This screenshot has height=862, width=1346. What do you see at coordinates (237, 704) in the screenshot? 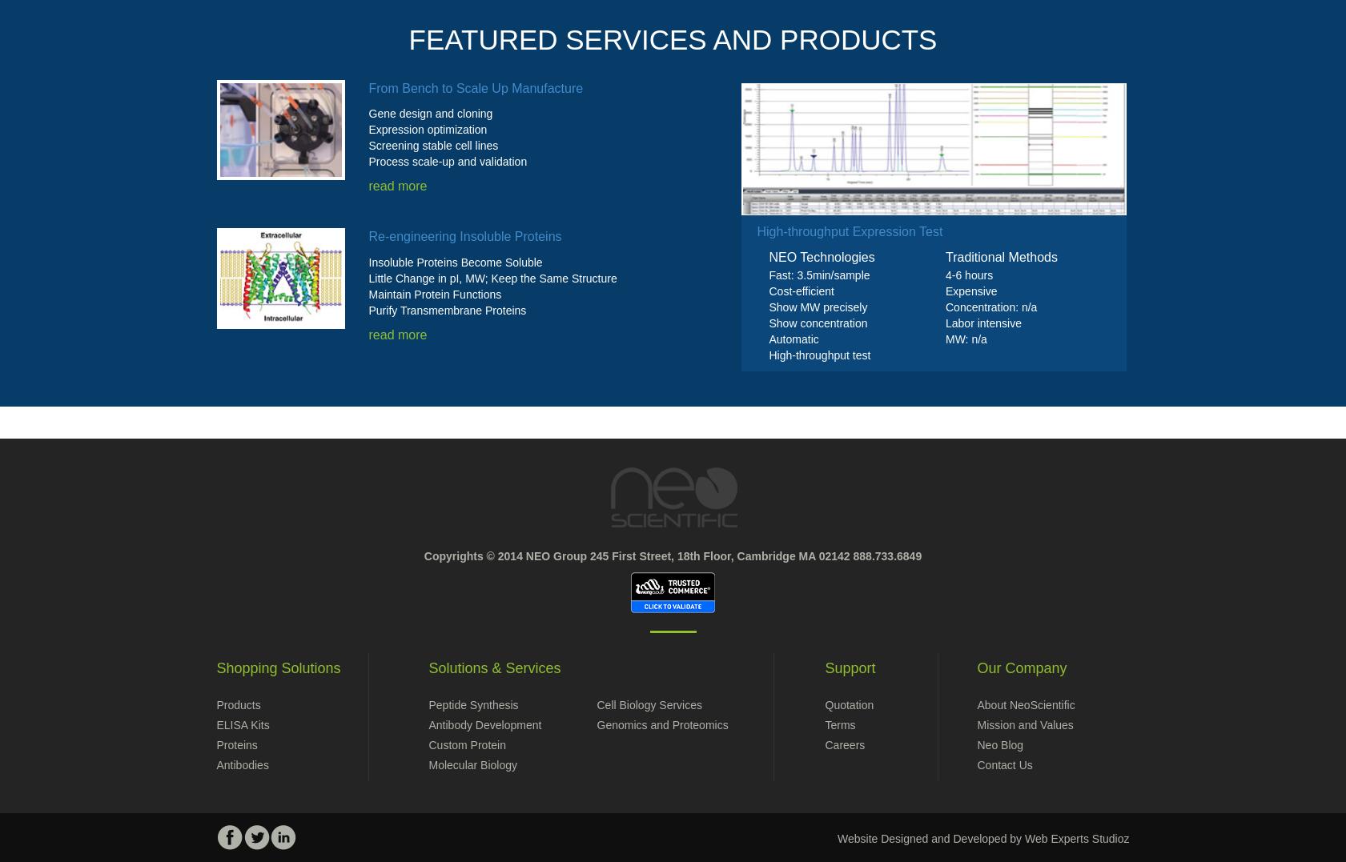
I see `'Products'` at bounding box center [237, 704].